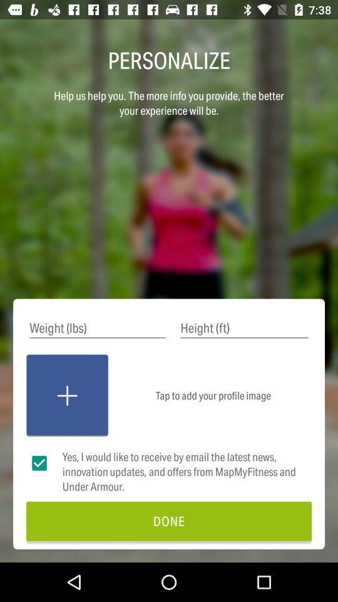 This screenshot has height=602, width=338. What do you see at coordinates (97, 327) in the screenshot?
I see `the weightlbs` at bounding box center [97, 327].